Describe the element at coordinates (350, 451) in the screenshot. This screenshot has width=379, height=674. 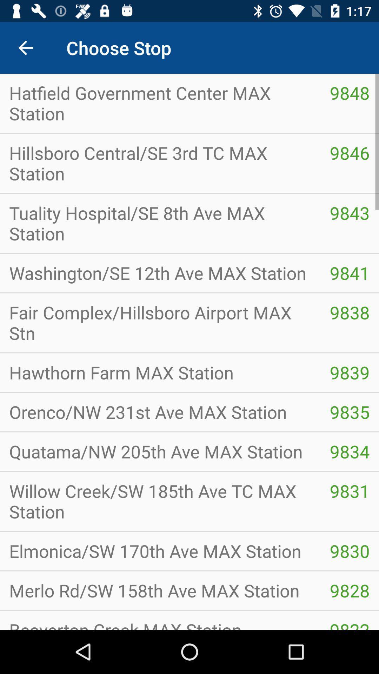
I see `icon below orenco nw 231st icon` at that location.